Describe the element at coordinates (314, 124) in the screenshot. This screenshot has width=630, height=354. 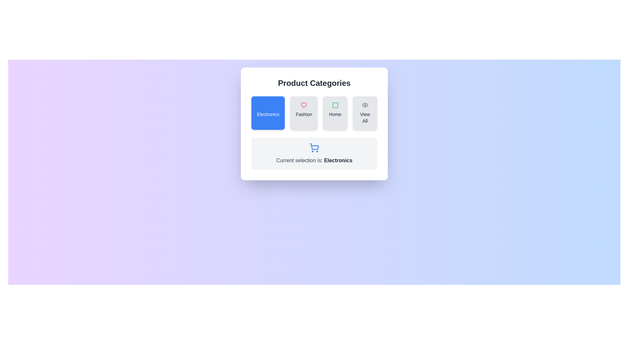
I see `the category selector component, which is a composite interactive element containing buttons and a status display` at that location.